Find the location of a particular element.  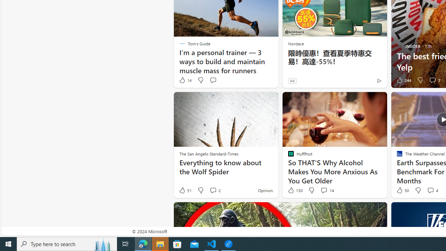

'14 Like' is located at coordinates (185, 80).